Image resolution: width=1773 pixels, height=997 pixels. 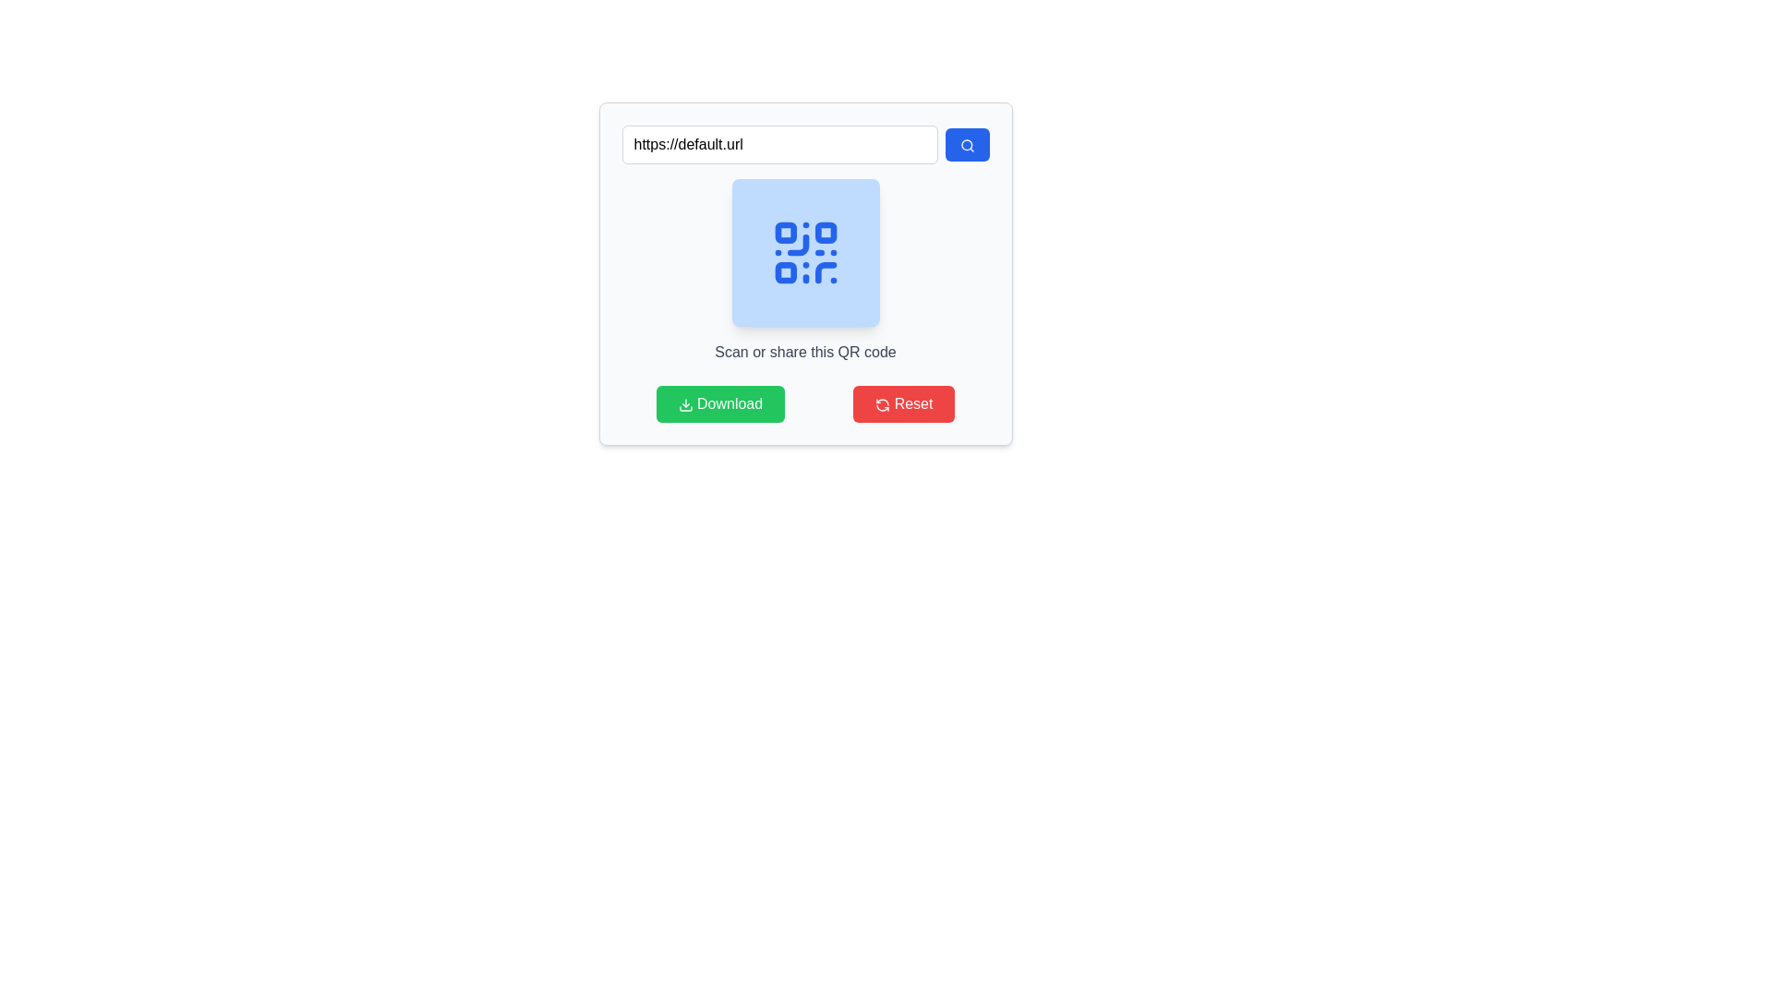 I want to click on the reset button, which features a circular arrow icon, located to the right of the green 'Download' button and below the QR code and search bar sections, so click(x=882, y=403).